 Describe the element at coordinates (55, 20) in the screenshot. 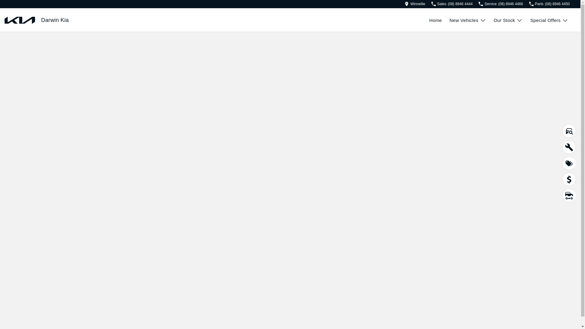

I see `'Darwin Kia'` at that location.